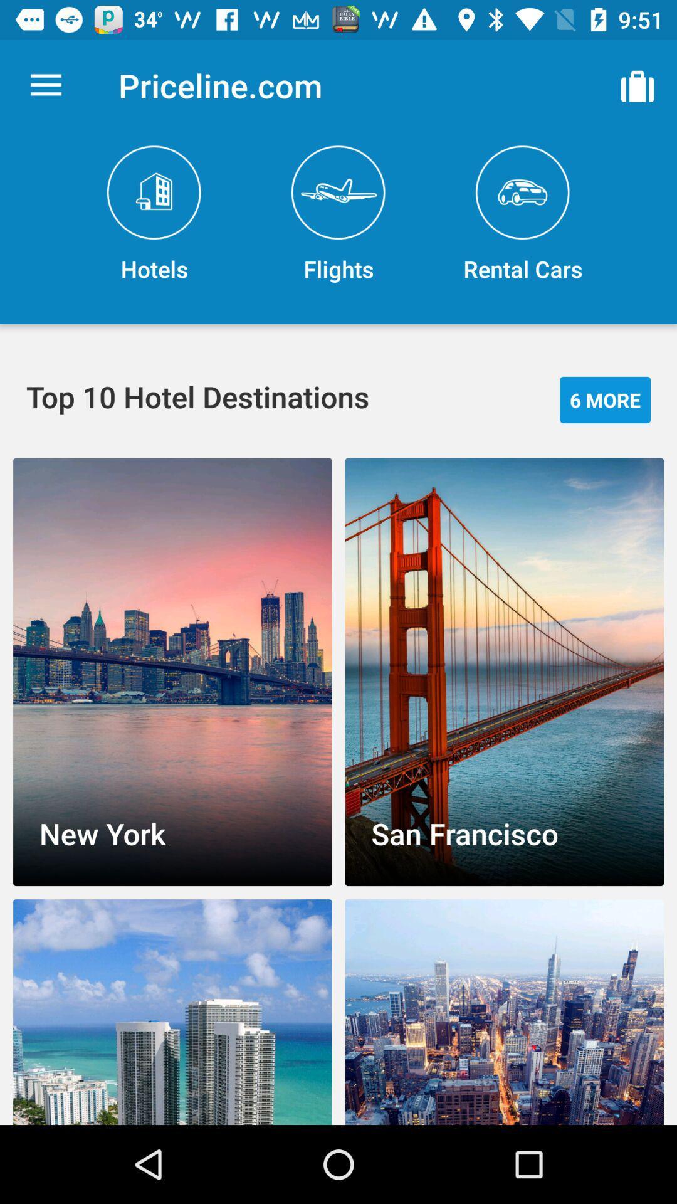 Image resolution: width=677 pixels, height=1204 pixels. I want to click on the icon below the rental cars item, so click(604, 399).